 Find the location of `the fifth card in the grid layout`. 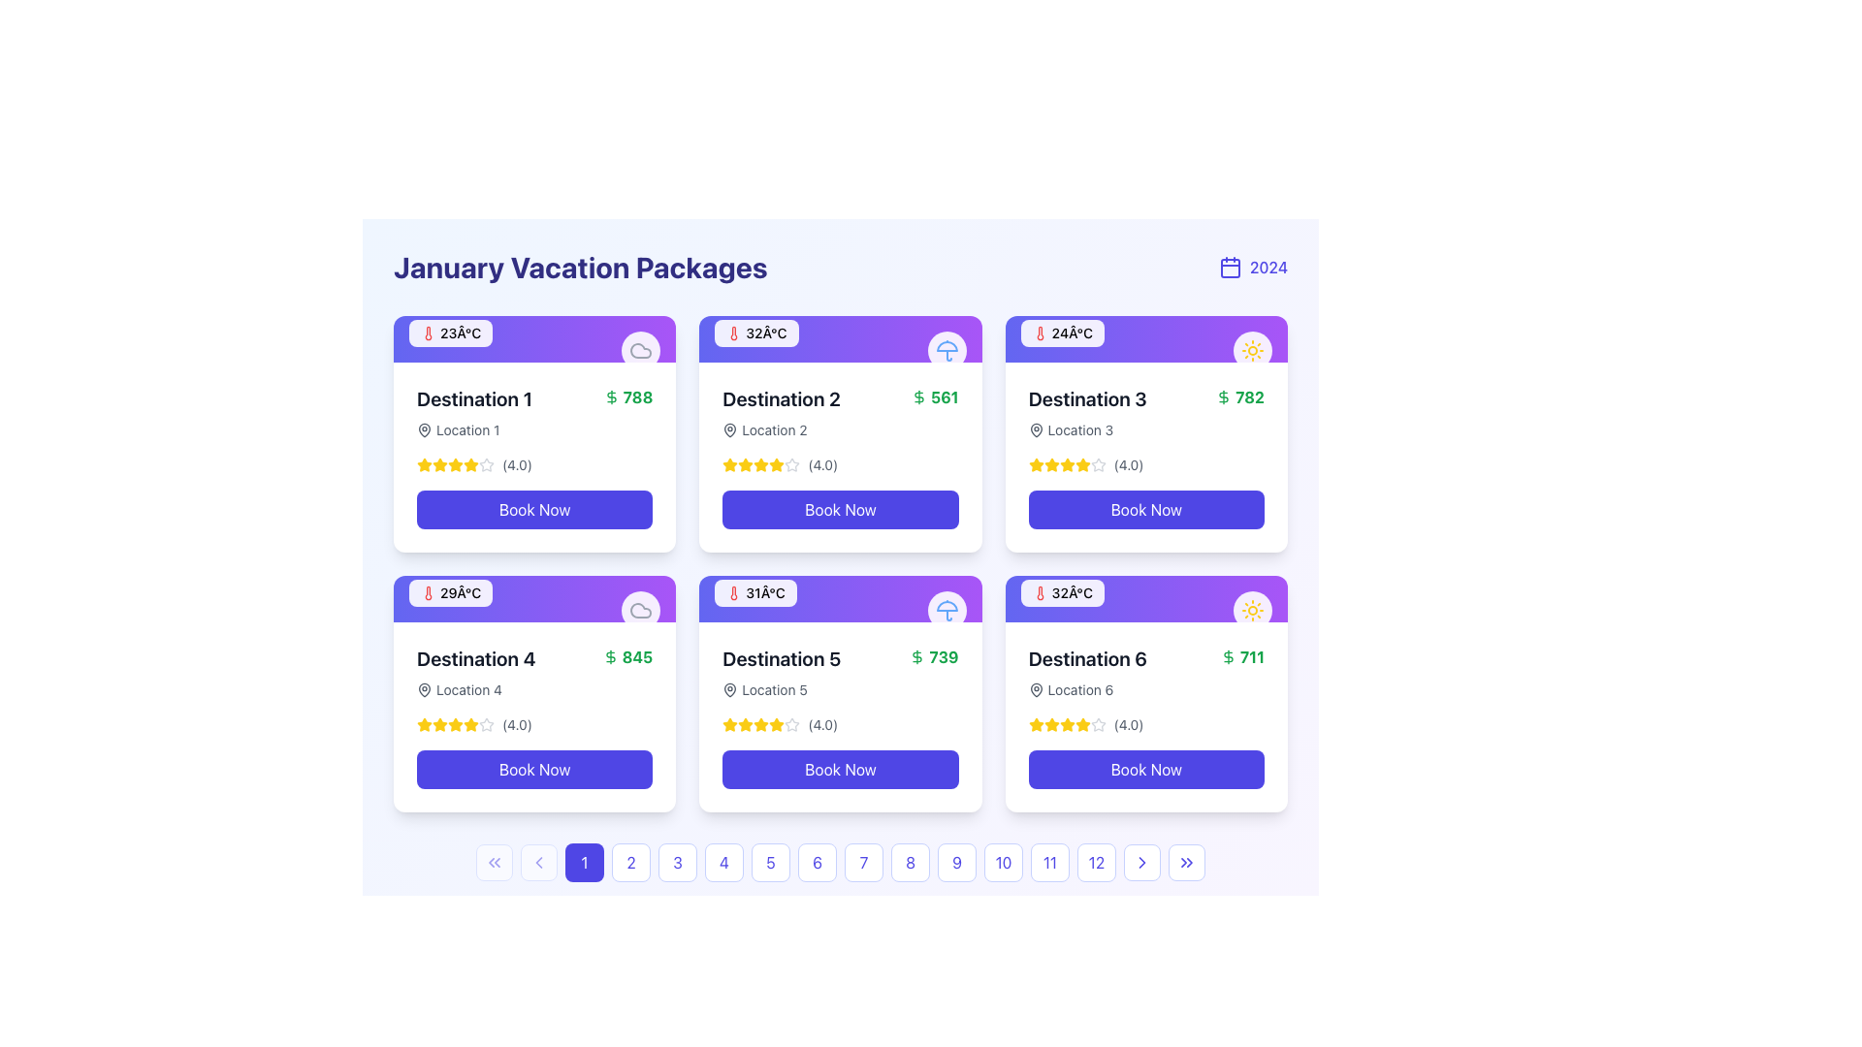

the fifth card in the grid layout is located at coordinates (841, 693).